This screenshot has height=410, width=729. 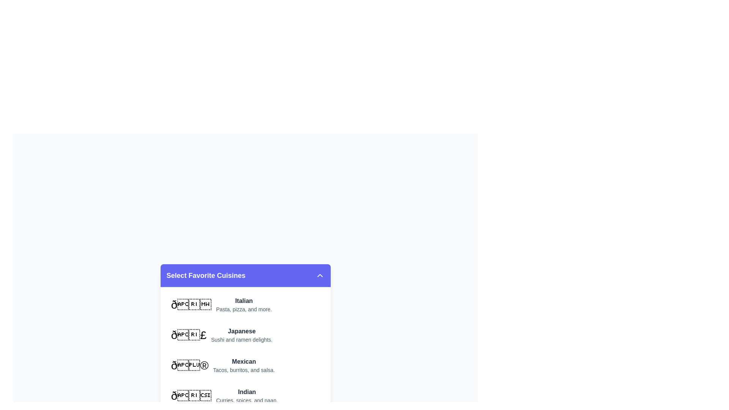 What do you see at coordinates (191, 304) in the screenshot?
I see `the emoji-like icon resembling a plate of food at the beginning of the 'Italian' cuisine section, which is positioned at the leftmost side of the section header` at bounding box center [191, 304].